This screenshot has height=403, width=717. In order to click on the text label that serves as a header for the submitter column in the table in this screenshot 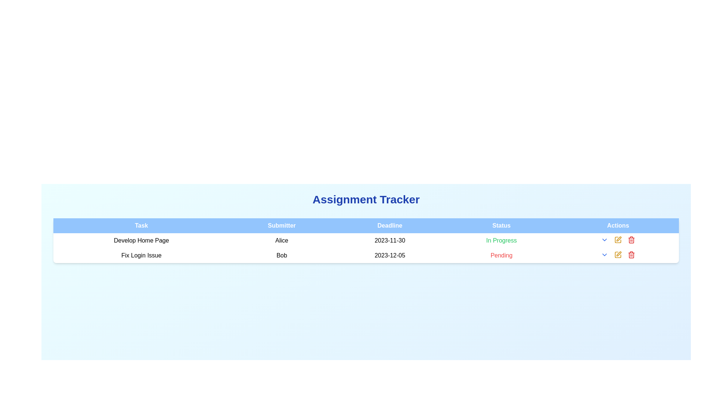, I will do `click(281, 225)`.